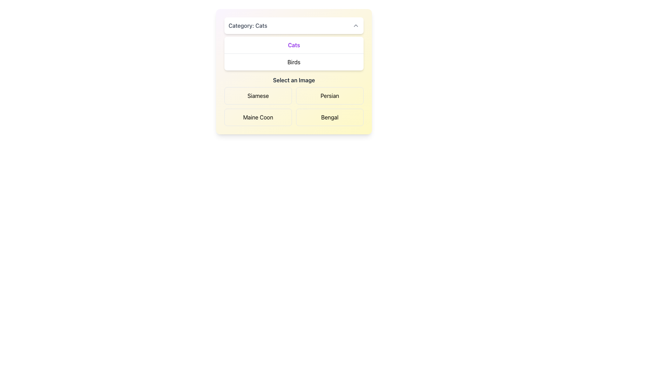 The image size is (668, 375). What do you see at coordinates (329, 96) in the screenshot?
I see `the 'Persian' option selector button located in the top-right cell of the 2x2 grid under the 'Select an Image' label` at bounding box center [329, 96].